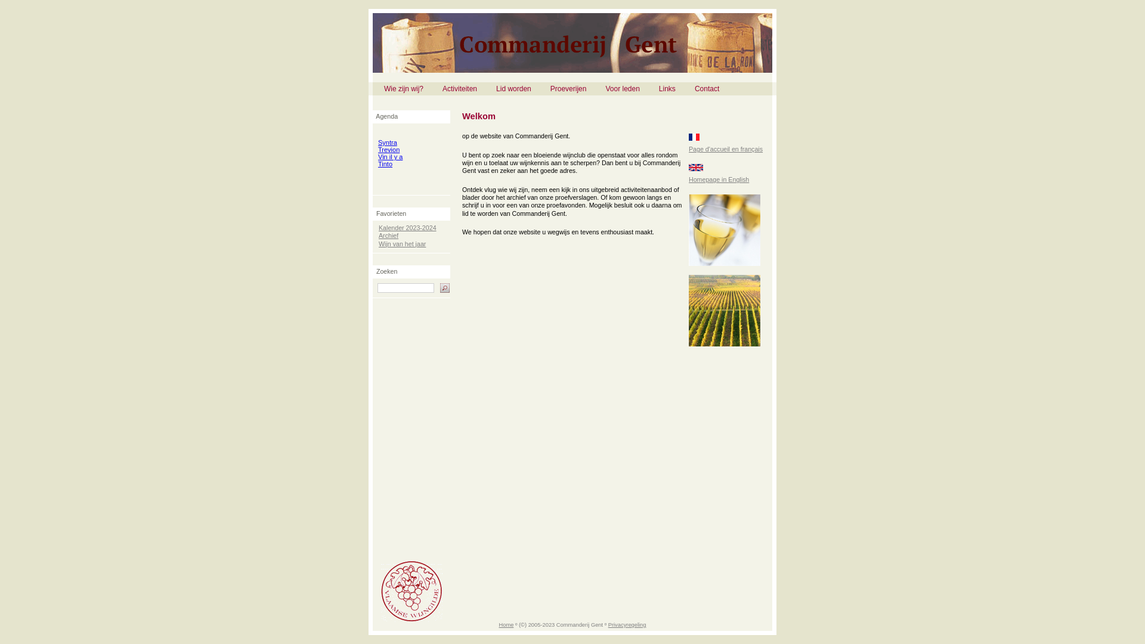 The height and width of the screenshot is (644, 1145). I want to click on 'Wijn van het jaar', so click(402, 243).